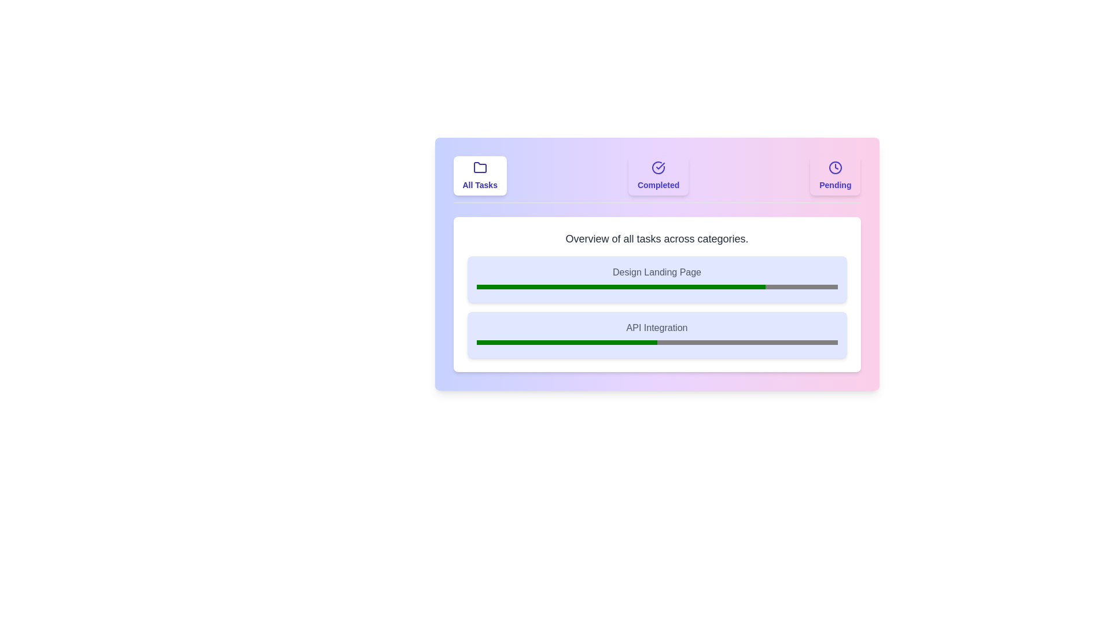 This screenshot has width=1111, height=625. What do you see at coordinates (657, 286) in the screenshot?
I see `the progress visually on the progress bar representing the completion of the 'Design Landing Page' task, which shows 80% completion` at bounding box center [657, 286].